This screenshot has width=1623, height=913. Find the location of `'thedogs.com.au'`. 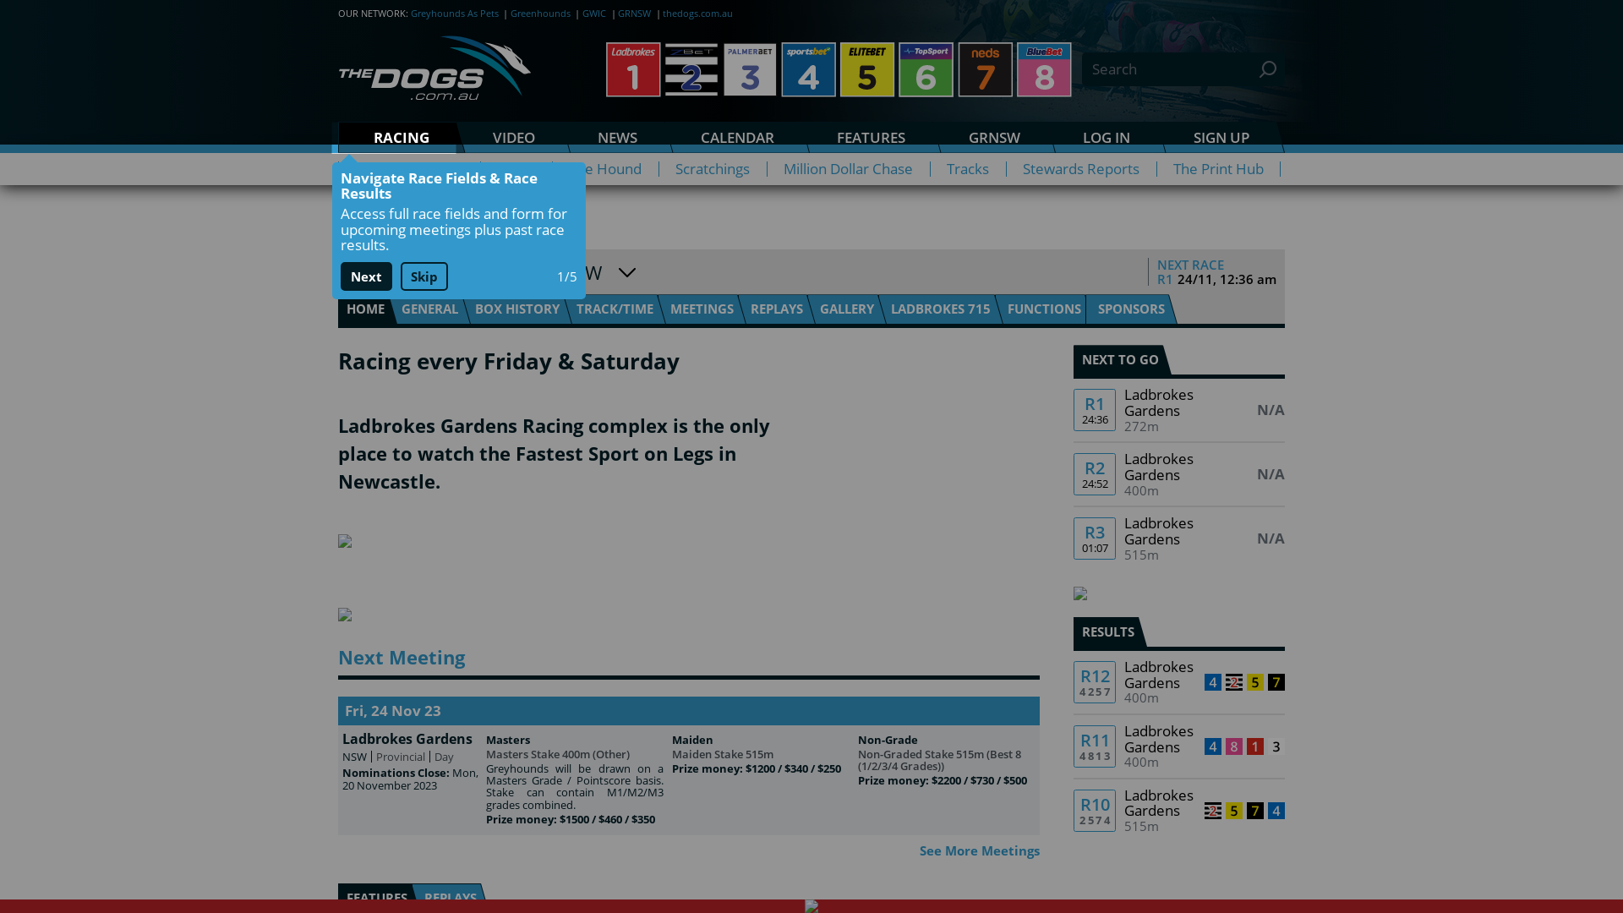

'thedogs.com.au' is located at coordinates (697, 13).